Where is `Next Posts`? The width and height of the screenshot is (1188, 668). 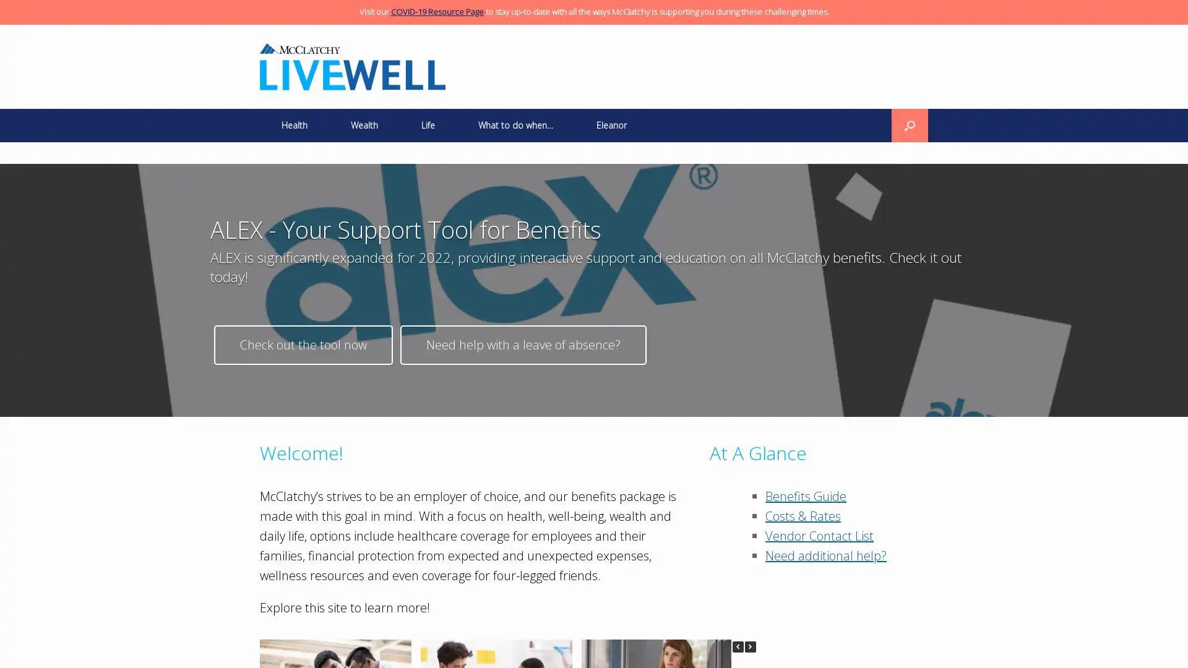
Next Posts is located at coordinates (749, 646).